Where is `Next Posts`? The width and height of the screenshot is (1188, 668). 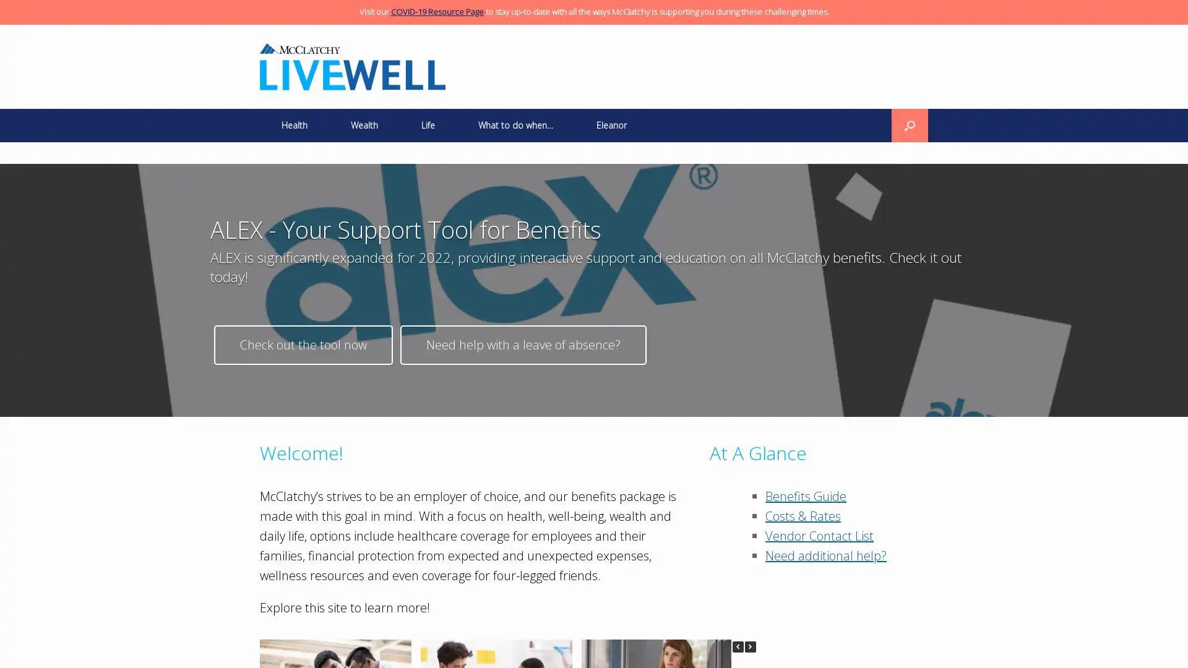
Next Posts is located at coordinates (749, 646).